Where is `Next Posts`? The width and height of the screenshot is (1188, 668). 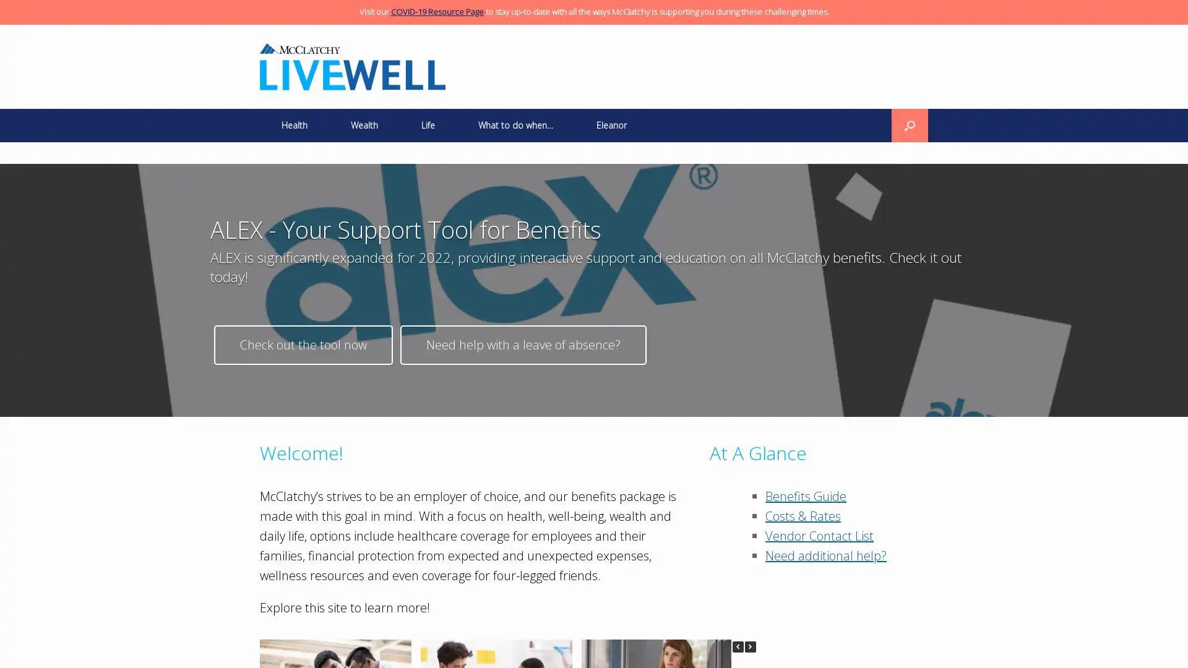
Next Posts is located at coordinates (749, 646).